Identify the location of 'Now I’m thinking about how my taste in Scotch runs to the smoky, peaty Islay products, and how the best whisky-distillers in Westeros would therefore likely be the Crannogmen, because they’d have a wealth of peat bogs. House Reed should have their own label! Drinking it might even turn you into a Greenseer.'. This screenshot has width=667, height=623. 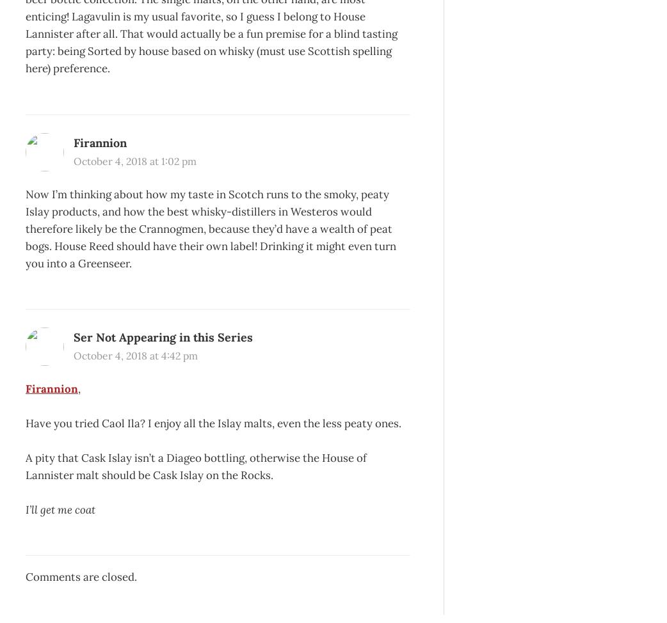
(211, 228).